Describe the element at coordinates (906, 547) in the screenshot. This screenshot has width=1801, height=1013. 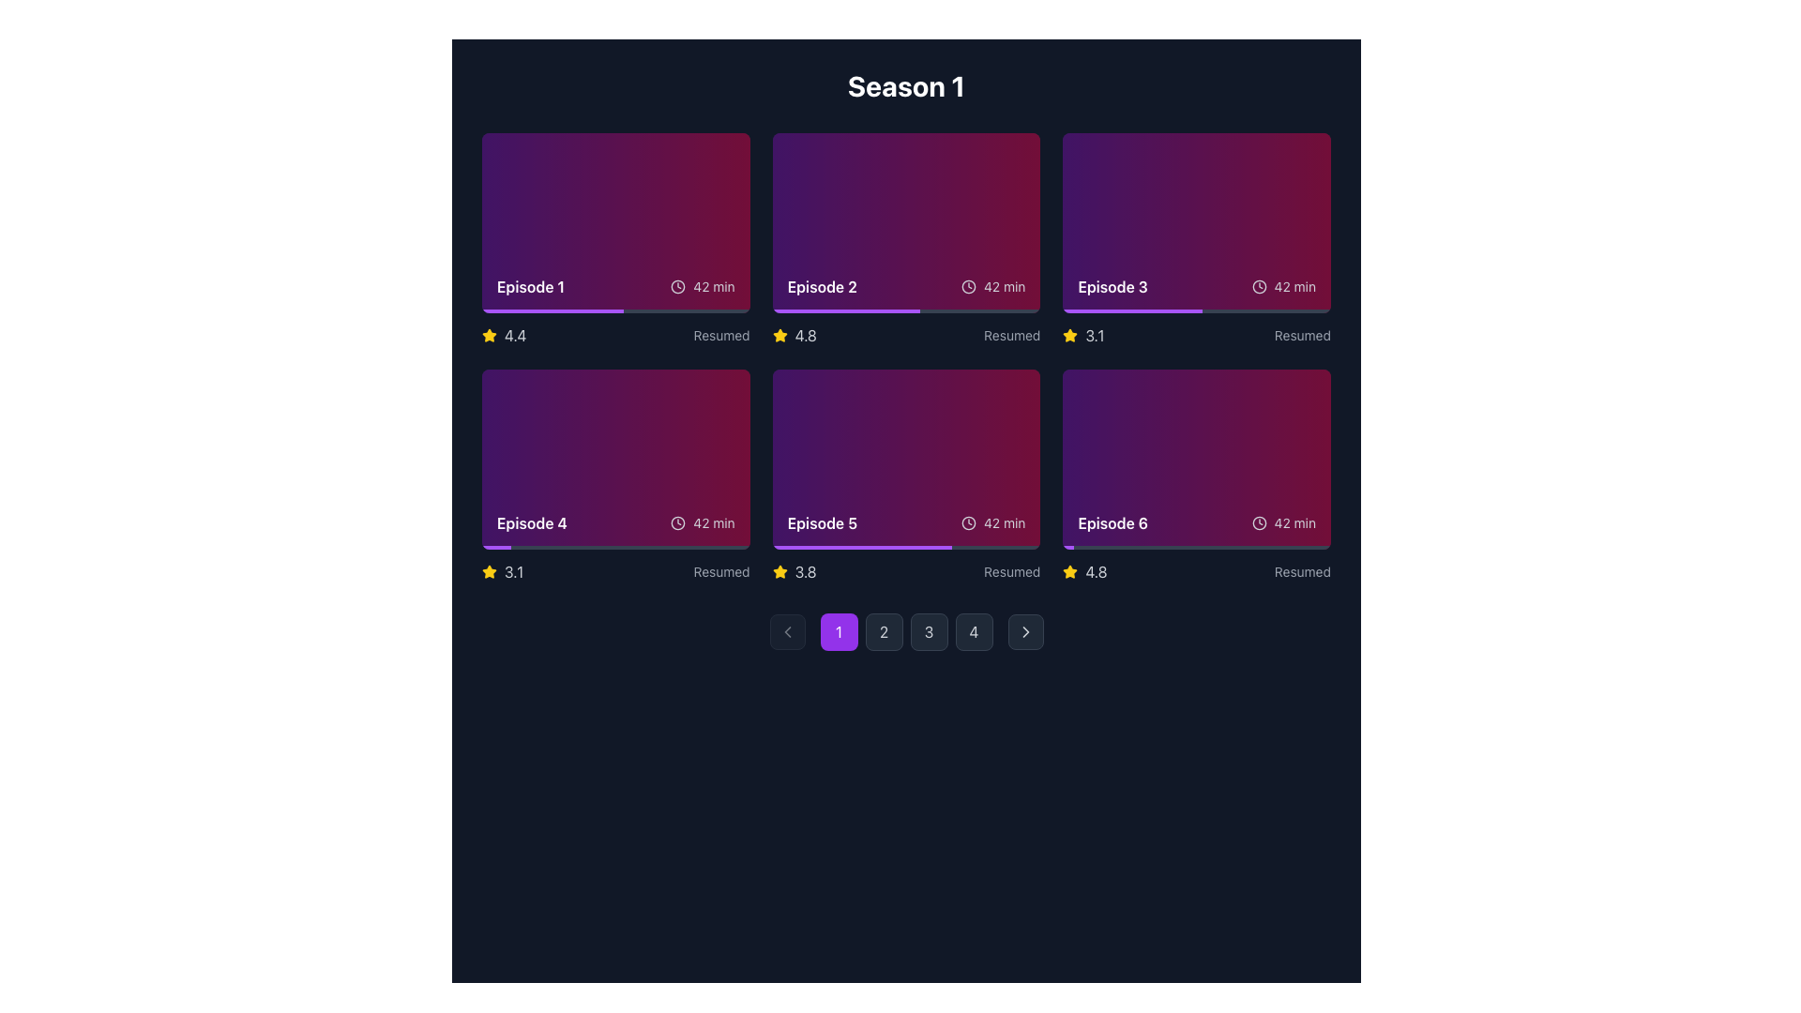
I see `the Progress bar located at the bottom of the fifth card in the second row labeled 'Episode 5' to visually indicate playback progress` at that location.